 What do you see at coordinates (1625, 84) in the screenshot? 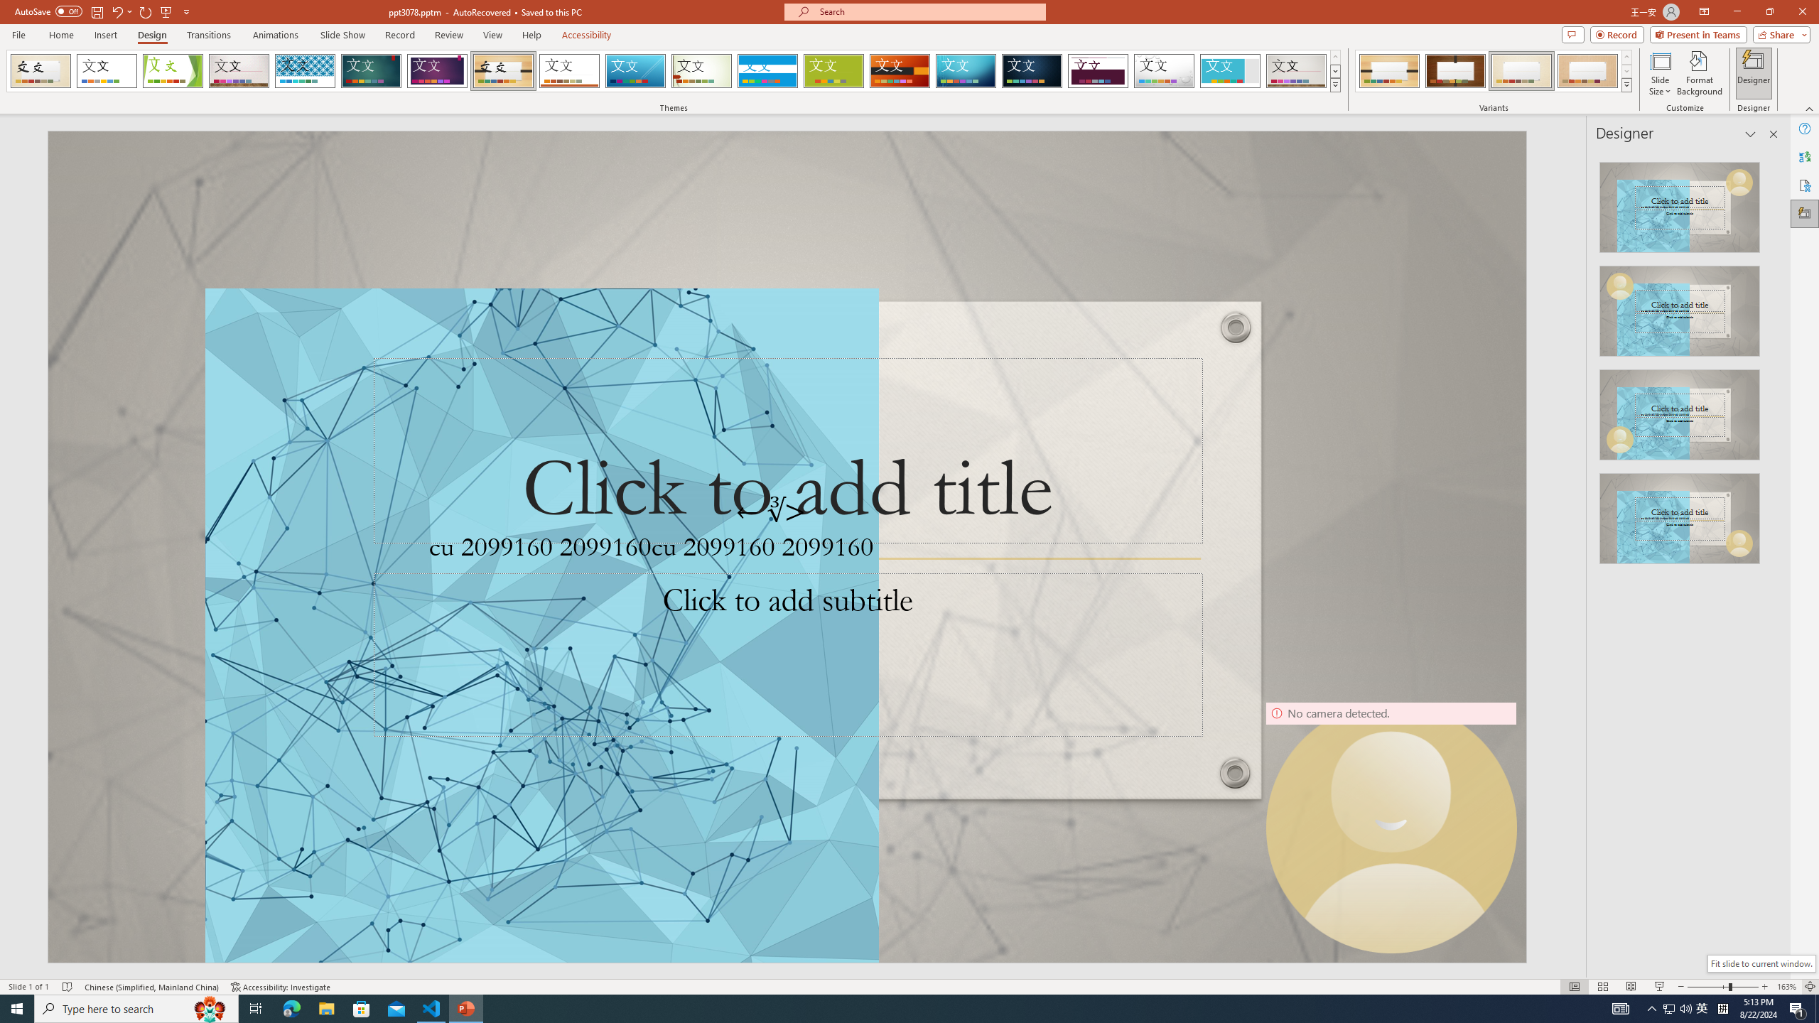
I see `'Variants'` at bounding box center [1625, 84].